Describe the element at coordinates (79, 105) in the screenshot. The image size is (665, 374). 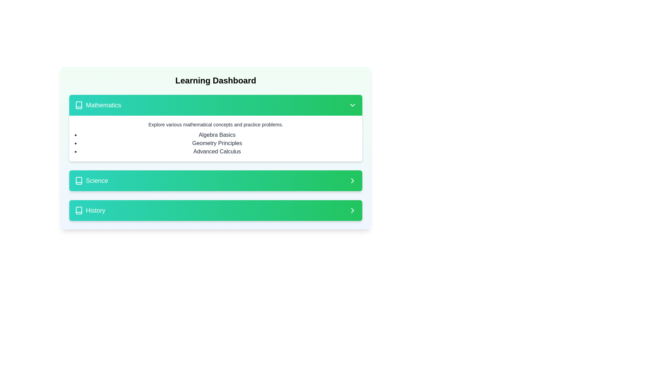
I see `the minimalistic book icon located near the top-left corner of the 'Mathematics' section header, aligned horizontally with the 'Mathematics' text label` at that location.